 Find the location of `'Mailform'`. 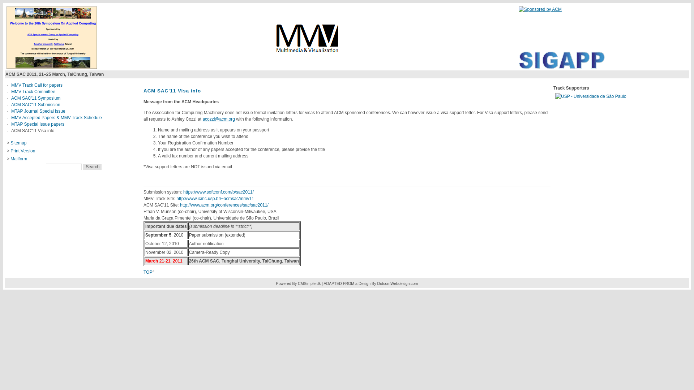

'Mailform' is located at coordinates (19, 158).